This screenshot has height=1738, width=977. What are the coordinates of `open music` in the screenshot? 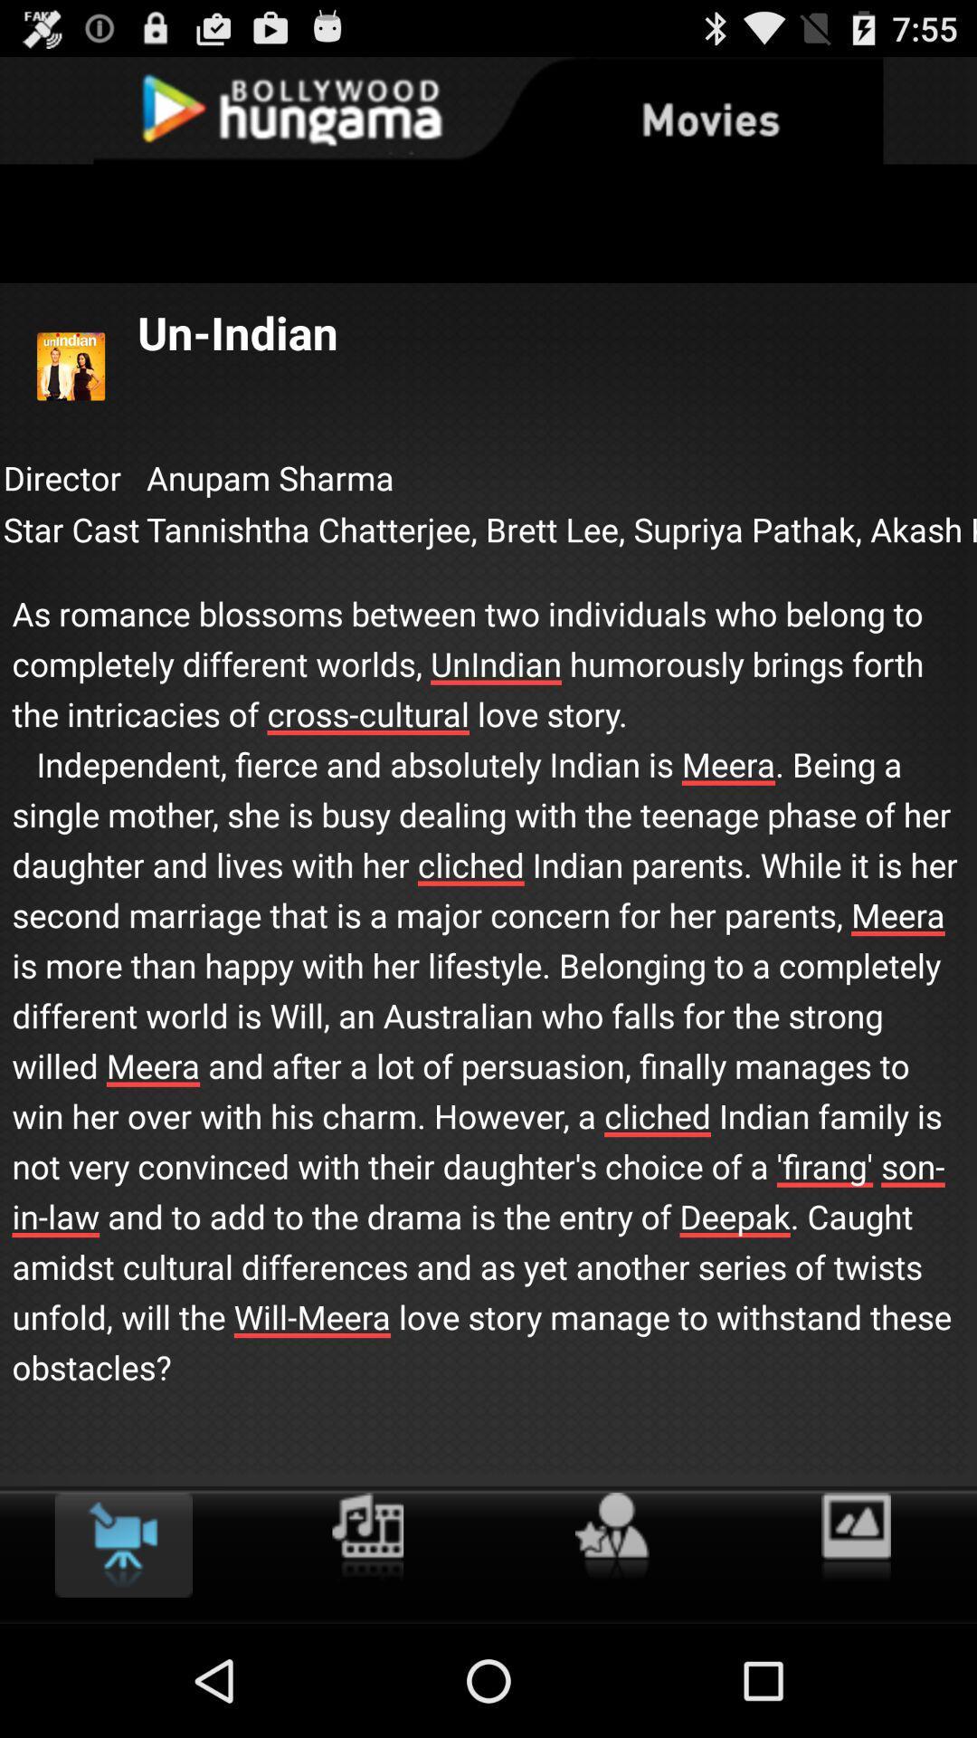 It's located at (366, 1536).